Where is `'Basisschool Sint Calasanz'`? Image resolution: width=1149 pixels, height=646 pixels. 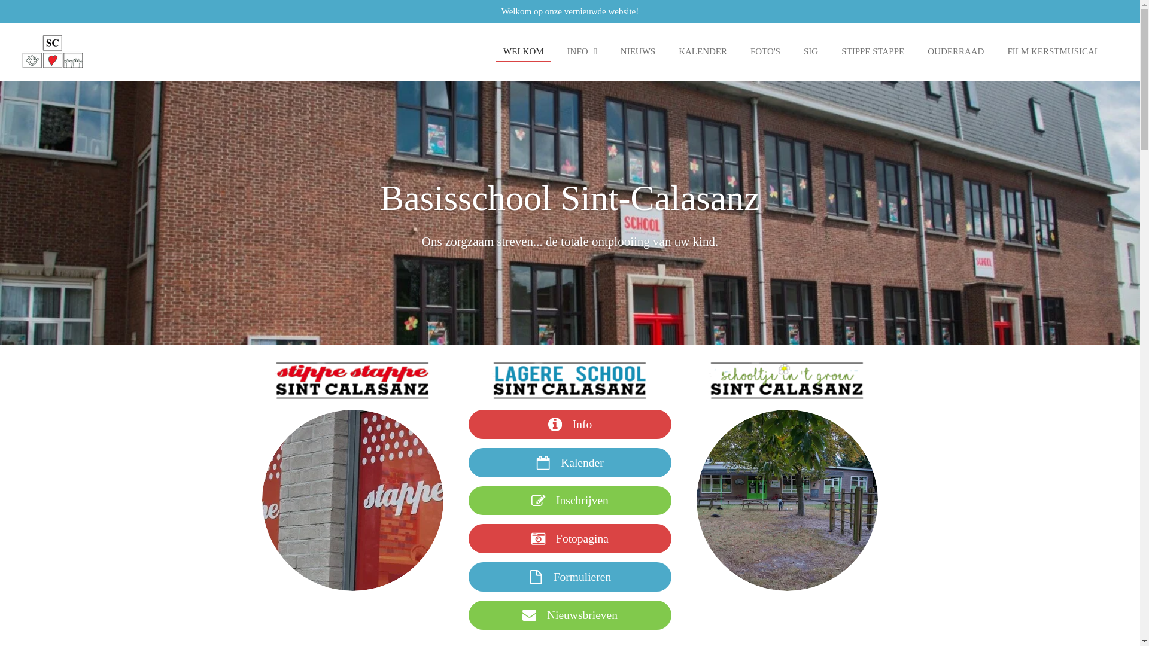
'Basisschool Sint Calasanz' is located at coordinates (53, 51).